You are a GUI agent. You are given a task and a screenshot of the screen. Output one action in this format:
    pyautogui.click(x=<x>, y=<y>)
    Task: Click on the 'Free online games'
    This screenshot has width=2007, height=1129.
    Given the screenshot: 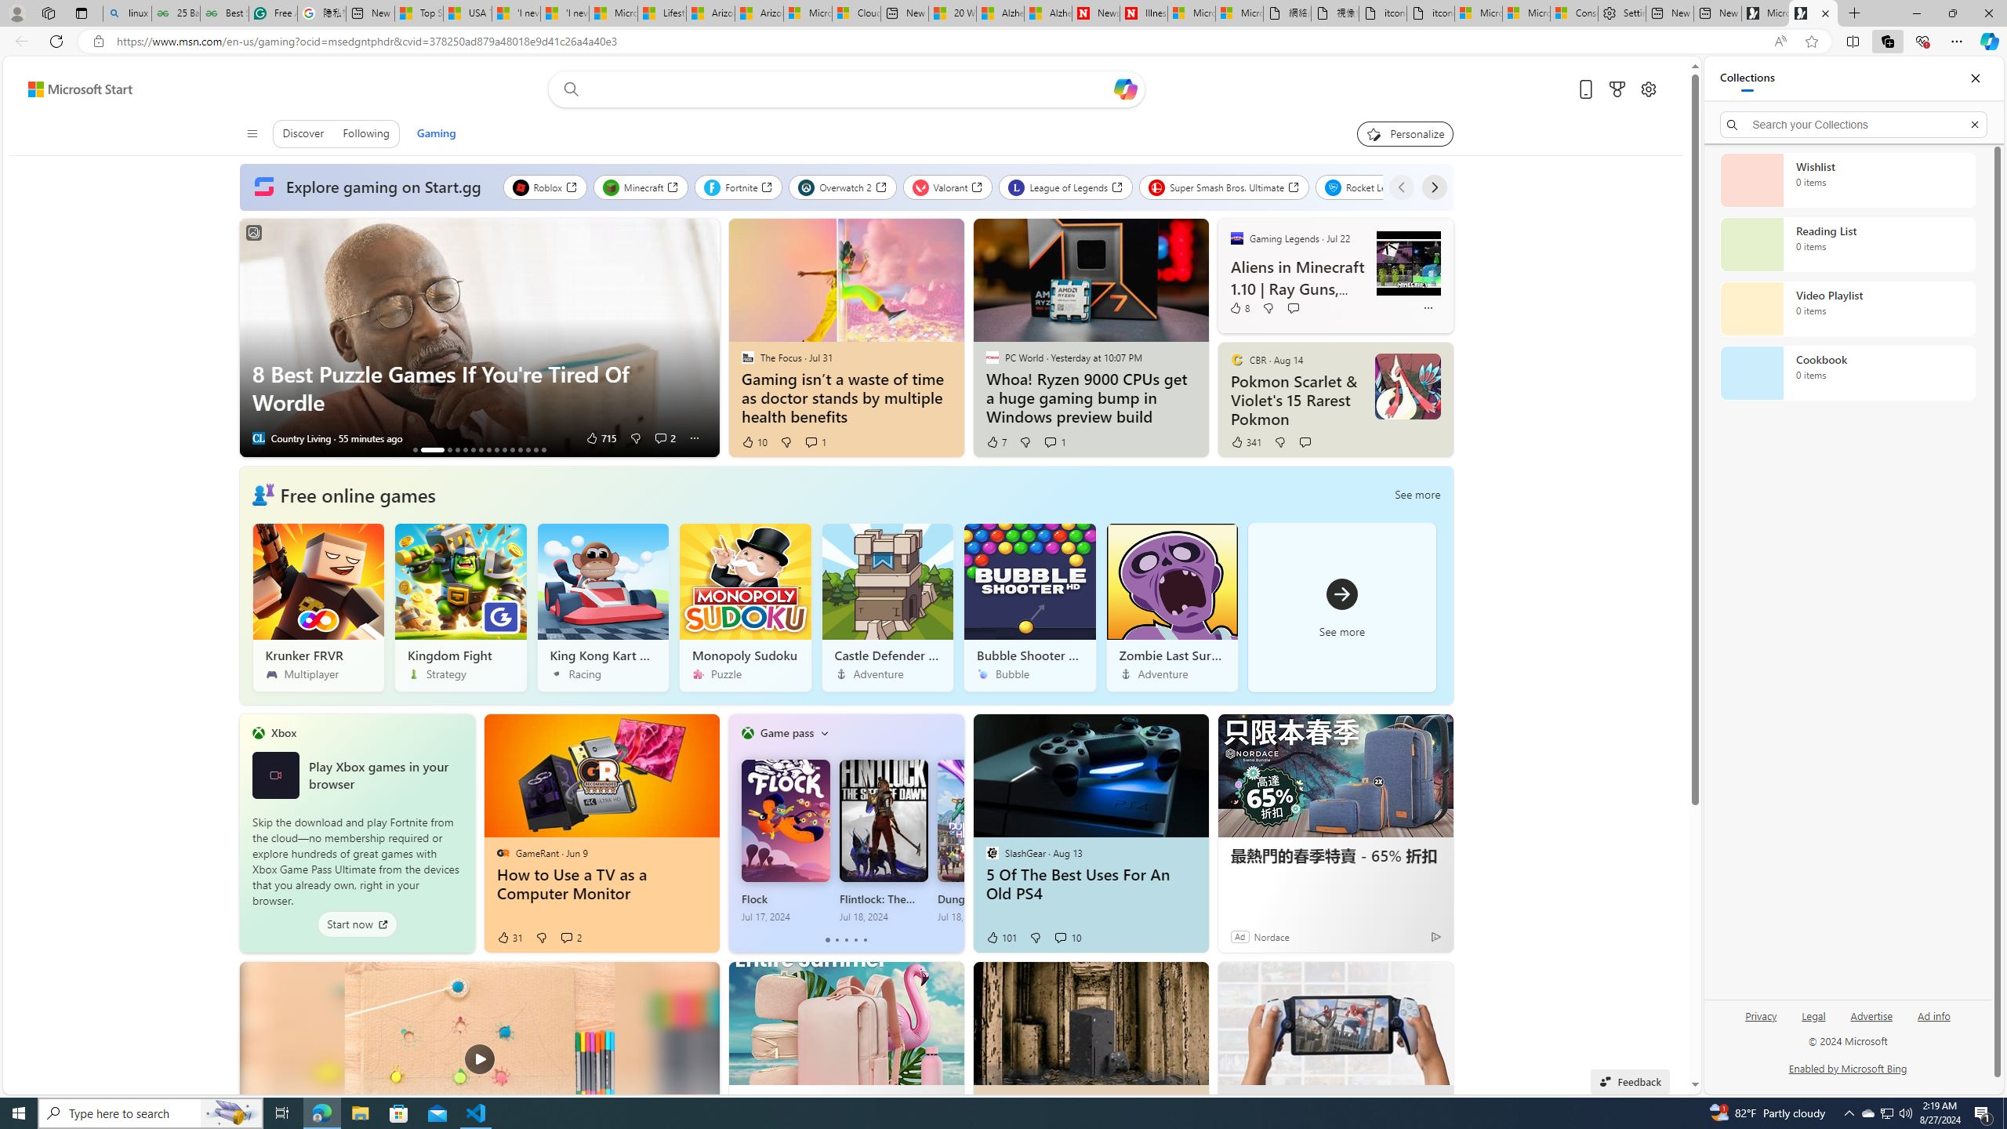 What is the action you would take?
    pyautogui.click(x=356, y=493)
    